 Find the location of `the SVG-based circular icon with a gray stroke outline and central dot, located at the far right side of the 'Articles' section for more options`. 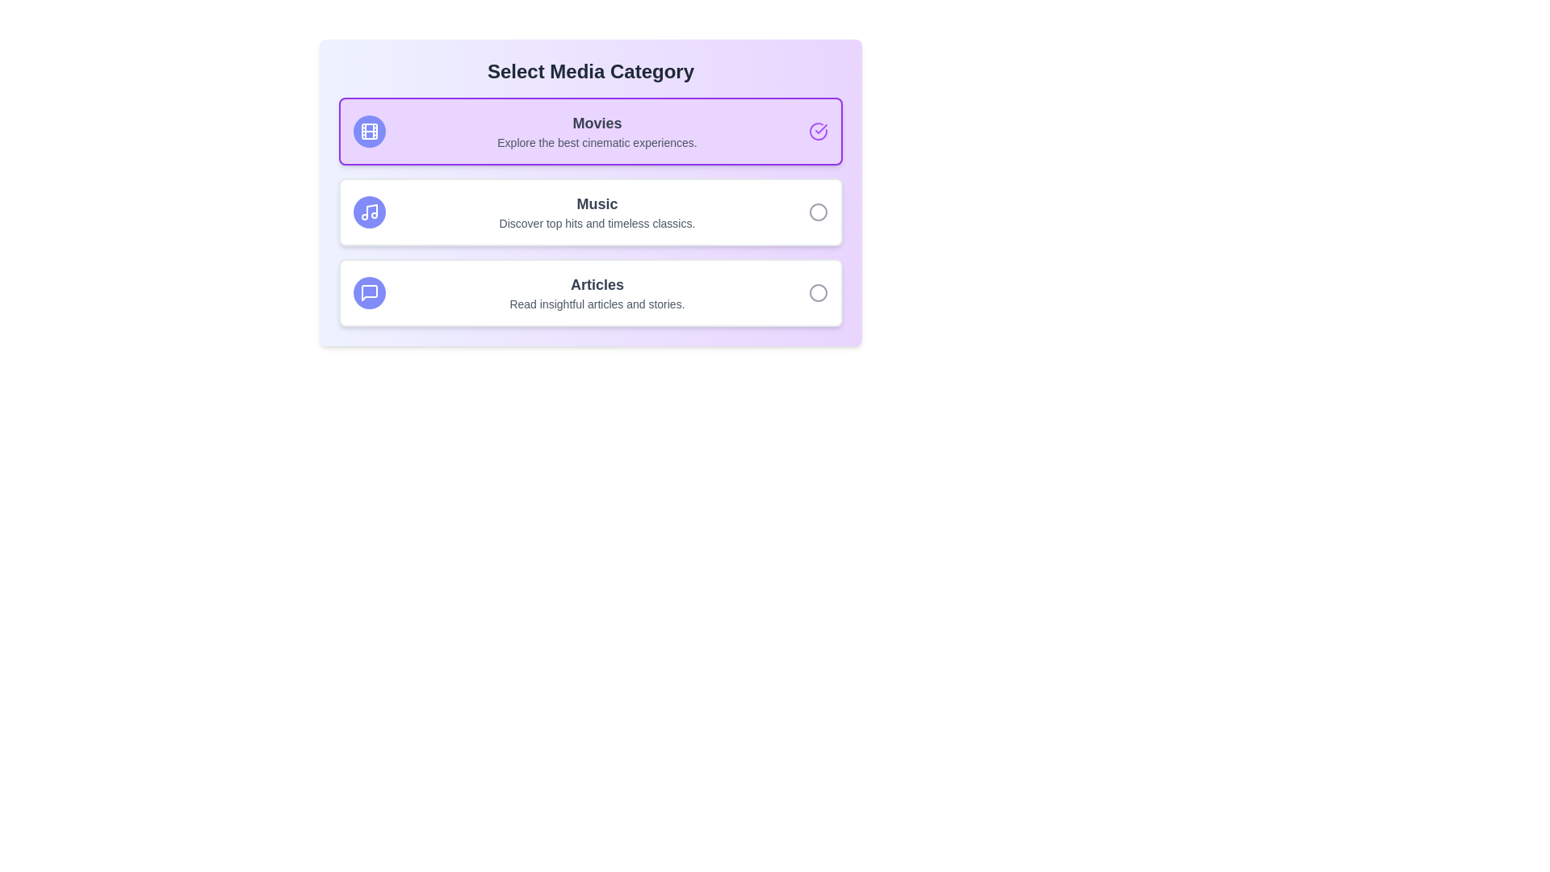

the SVG-based circular icon with a gray stroke outline and central dot, located at the far right side of the 'Articles' section for more options is located at coordinates (818, 292).